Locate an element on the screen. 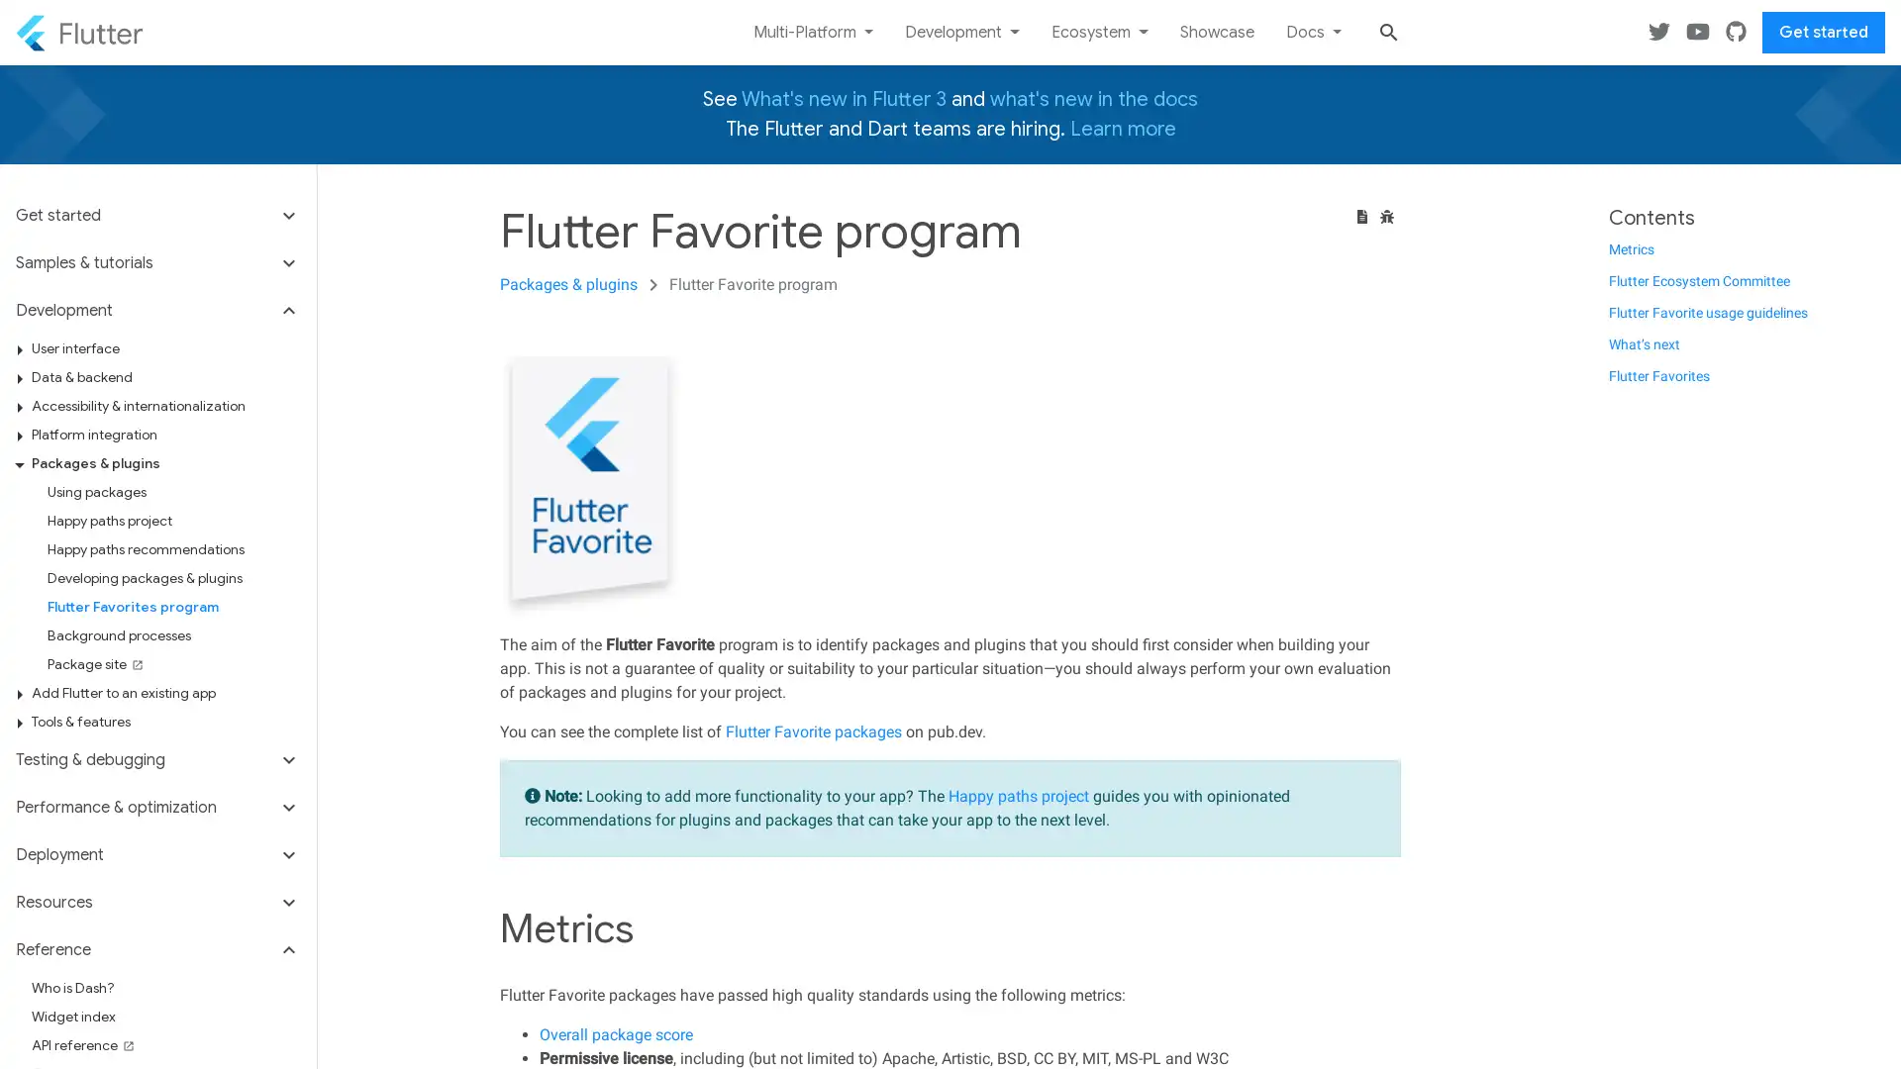 This screenshot has width=1901, height=1069. Development keyboard_arrow_down is located at coordinates (156, 310).